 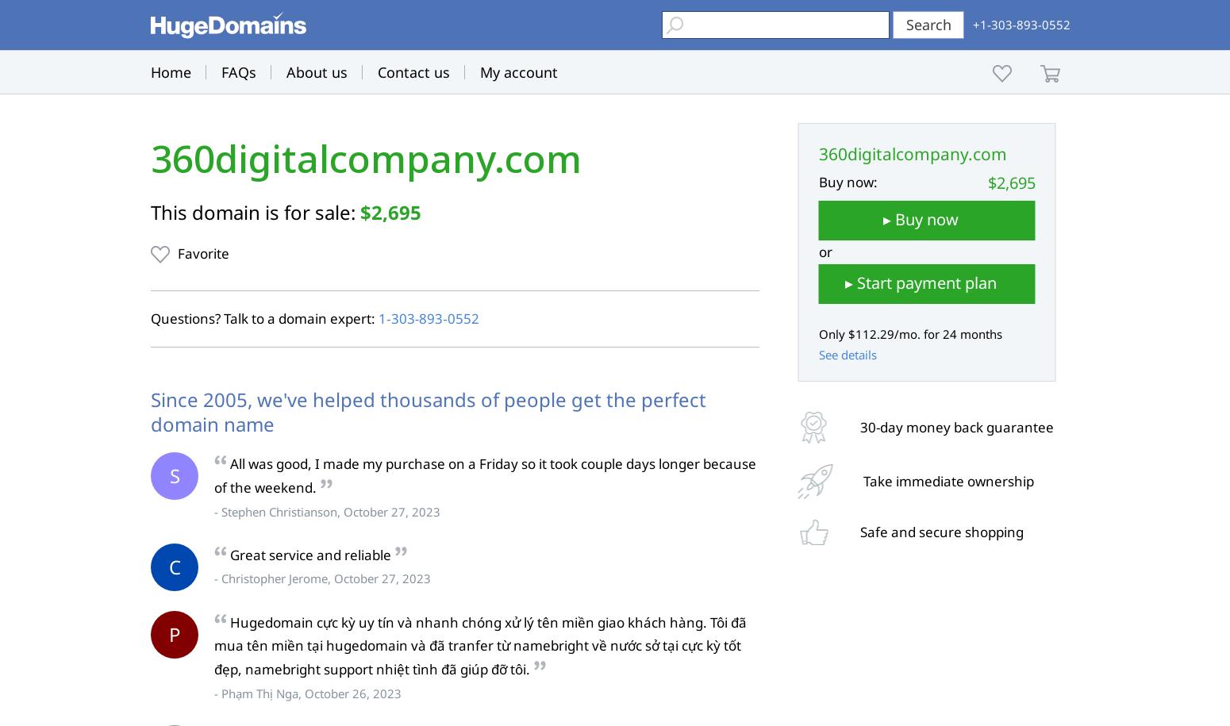 I want to click on 'C', so click(x=173, y=566).